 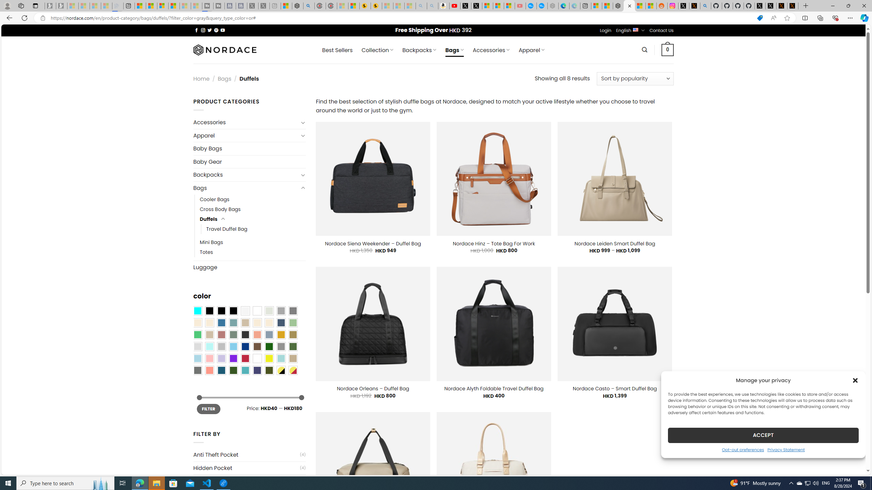 I want to click on 'Sky Blue', so click(x=233, y=346).